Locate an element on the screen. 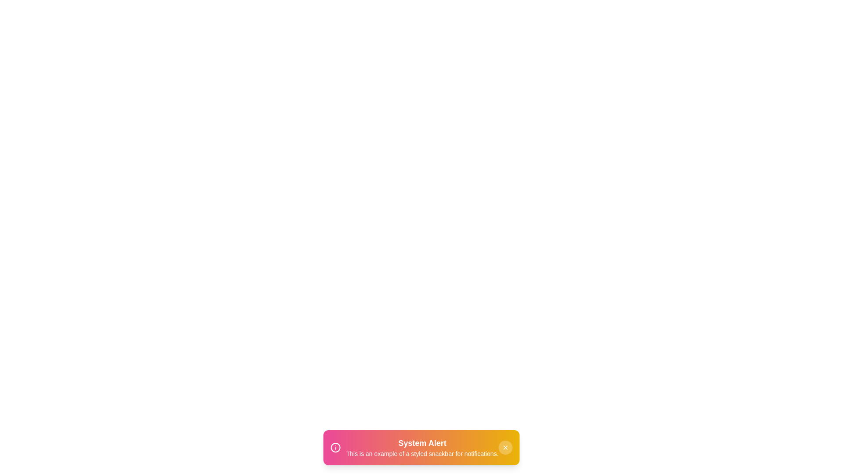 Image resolution: width=843 pixels, height=474 pixels. the close button to observe hover effects is located at coordinates (505, 447).